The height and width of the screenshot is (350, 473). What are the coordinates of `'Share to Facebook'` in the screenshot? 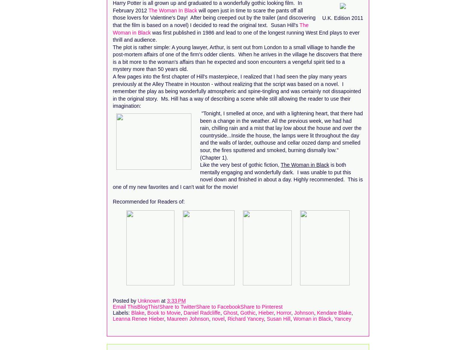 It's located at (195, 306).